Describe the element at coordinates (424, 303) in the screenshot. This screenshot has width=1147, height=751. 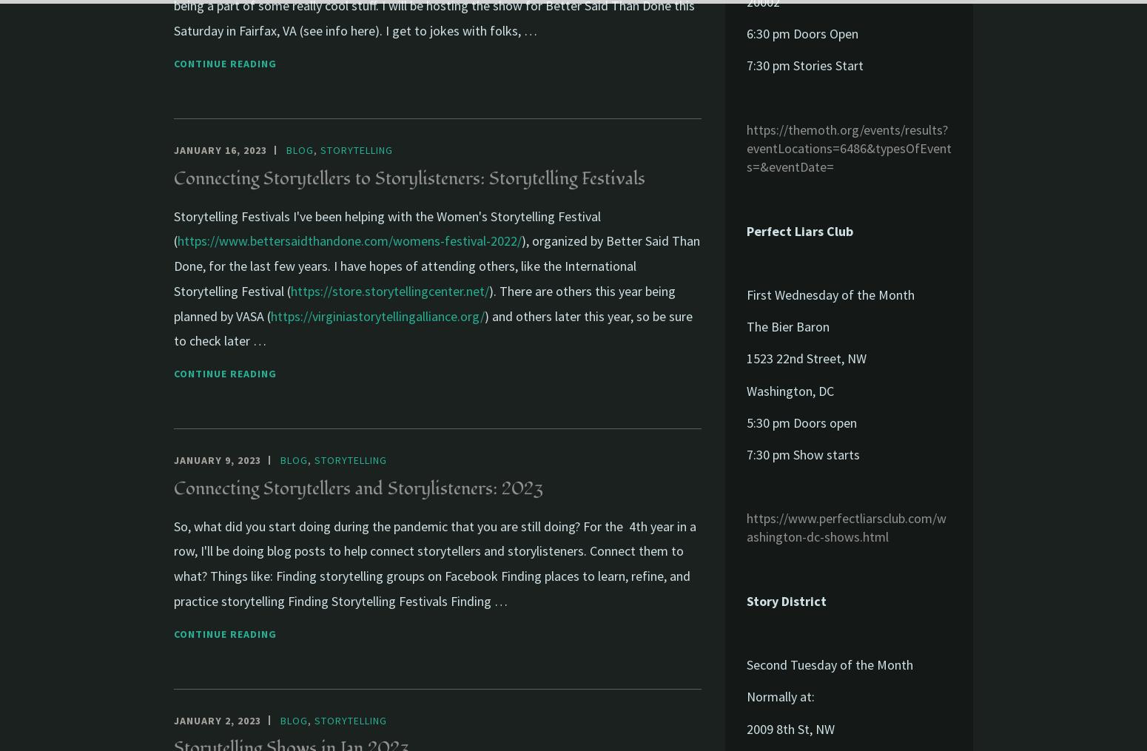
I see `'). There are others this year being planned by VASA ('` at that location.